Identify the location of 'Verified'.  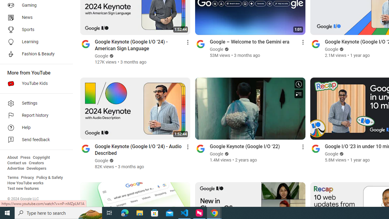
(341, 154).